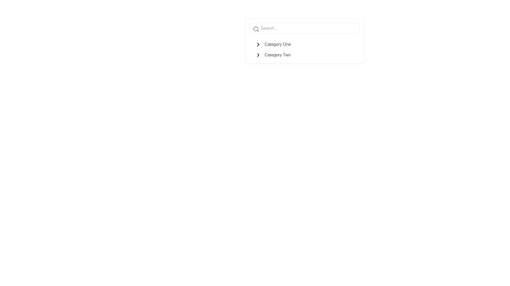 The width and height of the screenshot is (510, 286). What do you see at coordinates (258, 44) in the screenshot?
I see `the icon that serves as a visual indicator for expanding or collapsing the 'Category One' section` at bounding box center [258, 44].